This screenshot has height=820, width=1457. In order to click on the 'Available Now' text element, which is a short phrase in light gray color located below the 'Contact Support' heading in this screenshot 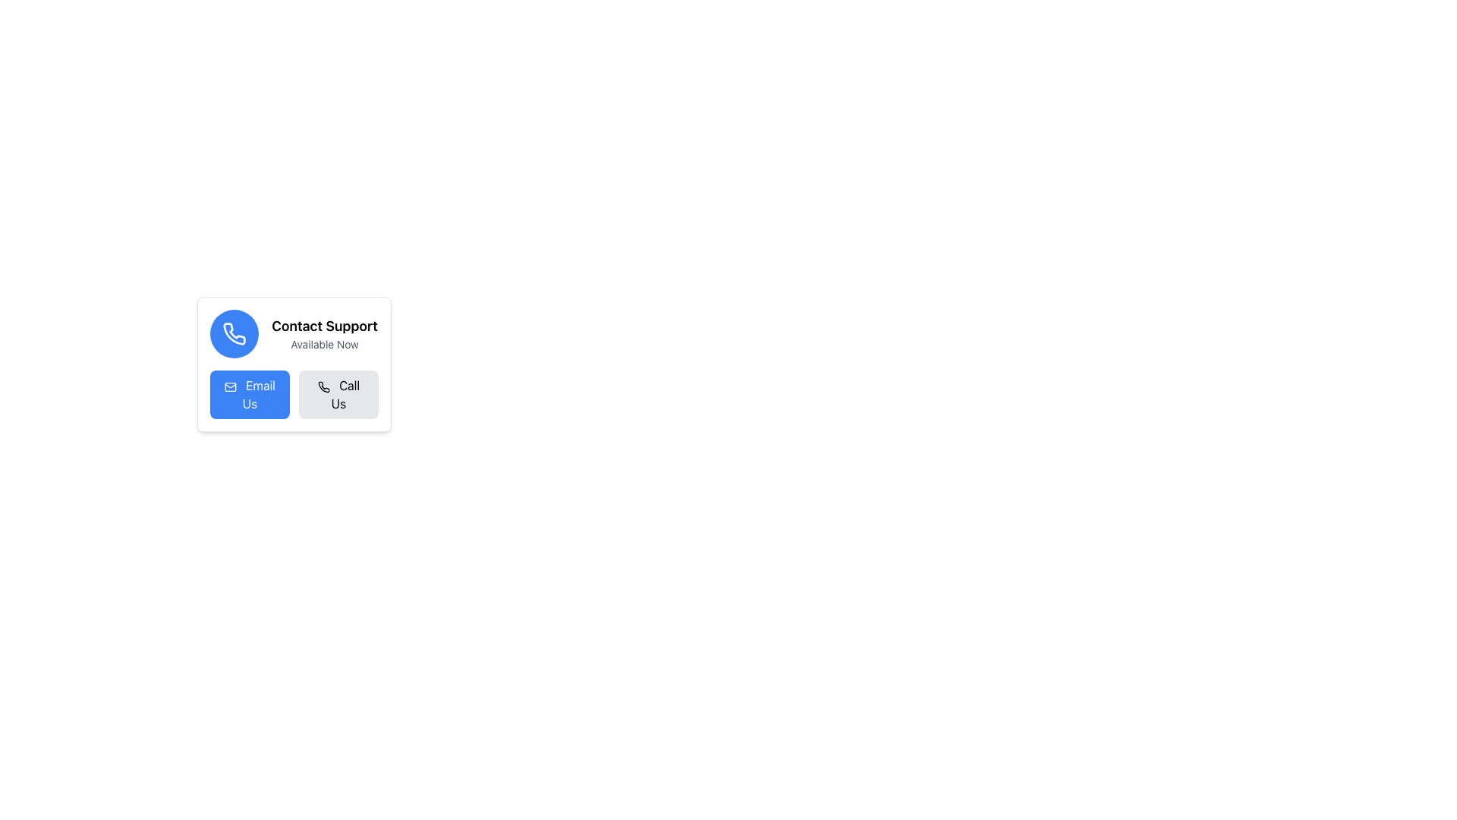, I will do `click(323, 345)`.